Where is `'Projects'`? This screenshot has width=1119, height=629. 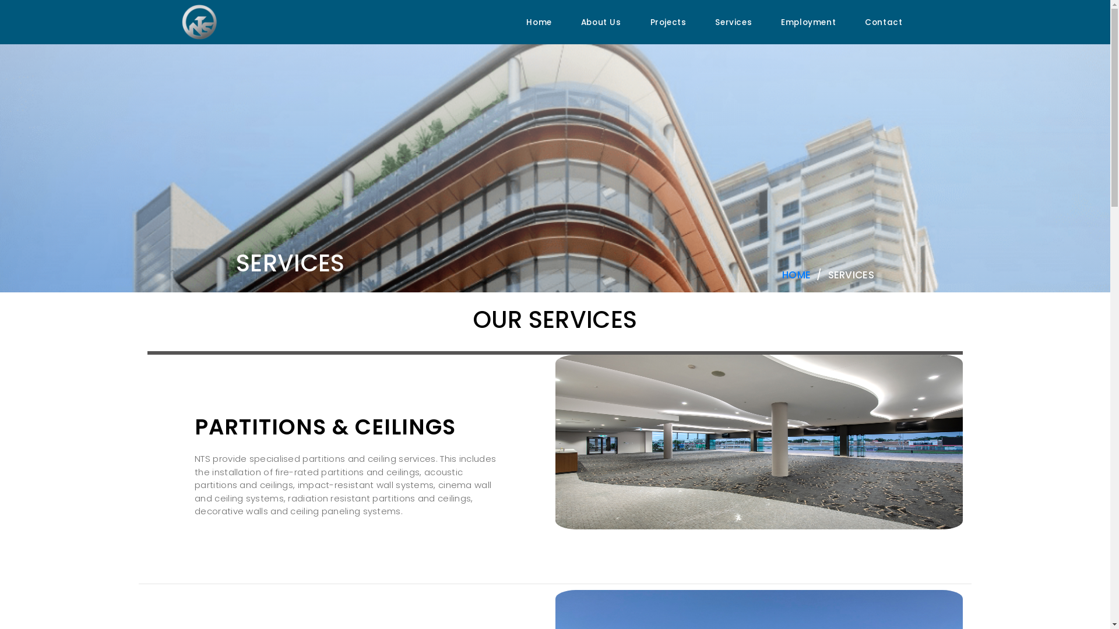 'Projects' is located at coordinates (668, 22).